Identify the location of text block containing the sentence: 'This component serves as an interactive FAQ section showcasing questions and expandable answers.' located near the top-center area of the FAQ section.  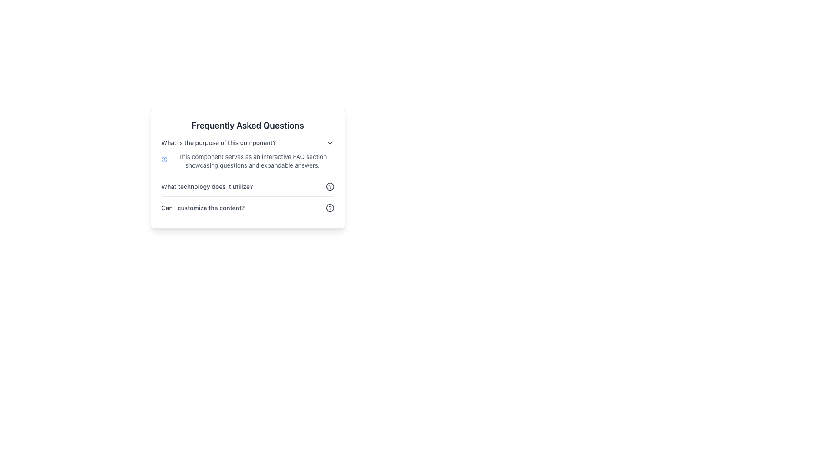
(252, 161).